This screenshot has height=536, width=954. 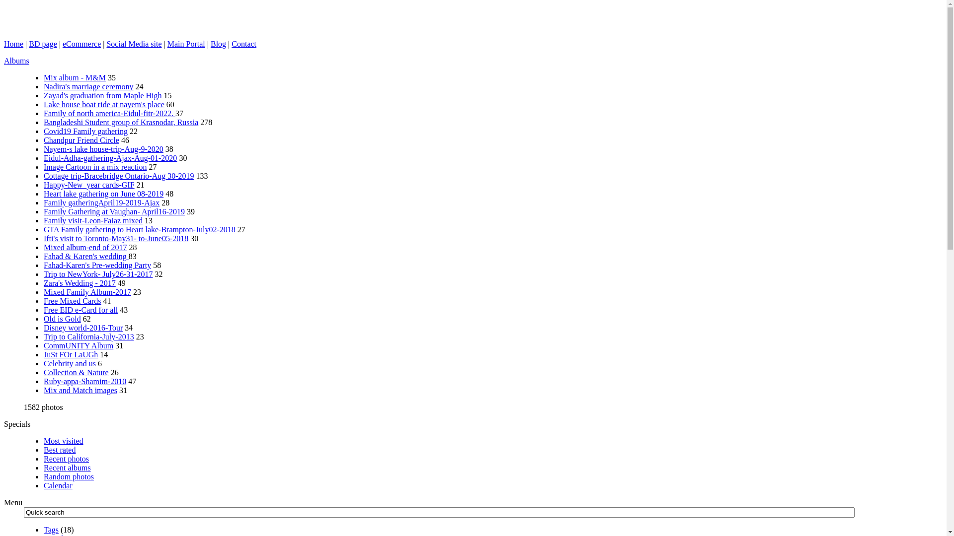 What do you see at coordinates (81, 43) in the screenshot?
I see `'eCommerce'` at bounding box center [81, 43].